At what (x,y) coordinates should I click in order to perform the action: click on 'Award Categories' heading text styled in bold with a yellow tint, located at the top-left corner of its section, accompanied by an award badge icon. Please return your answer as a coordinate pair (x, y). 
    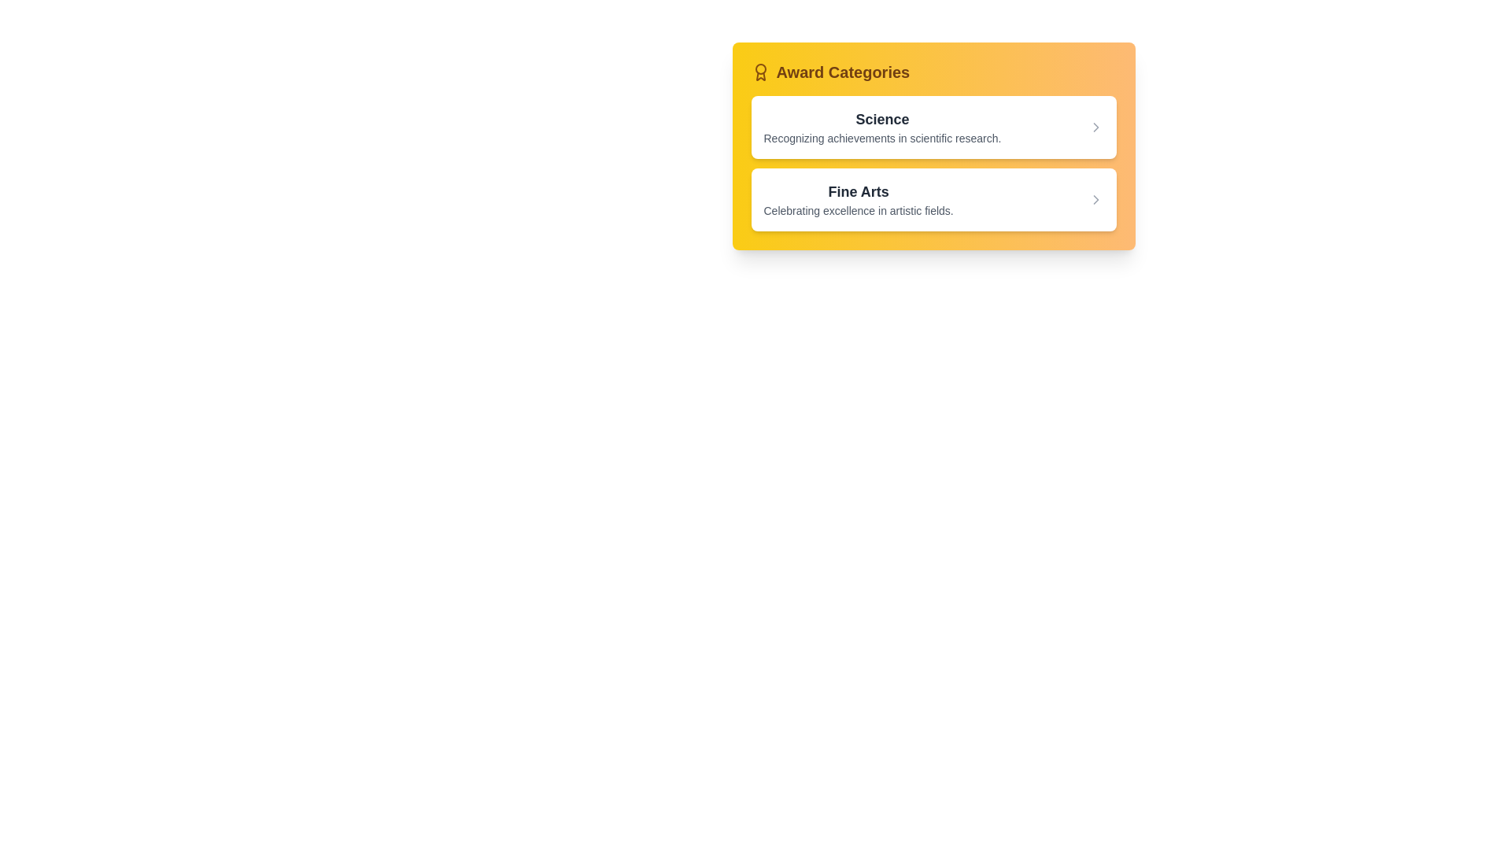
    Looking at the image, I should click on (829, 72).